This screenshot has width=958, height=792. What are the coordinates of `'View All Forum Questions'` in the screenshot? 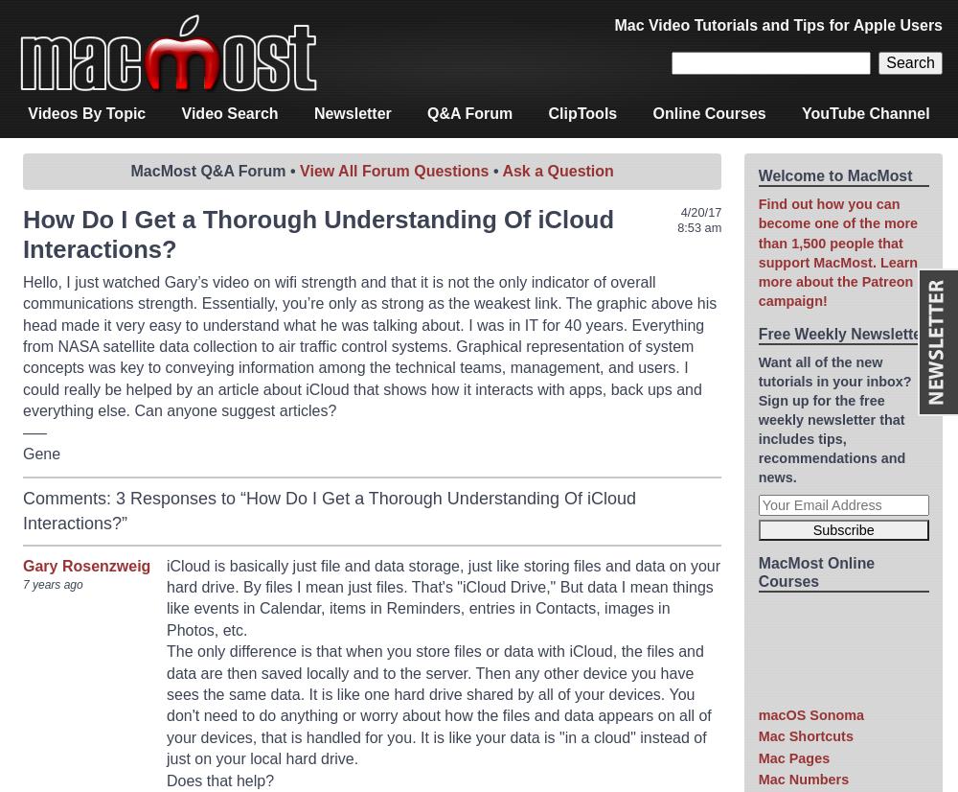 It's located at (394, 170).